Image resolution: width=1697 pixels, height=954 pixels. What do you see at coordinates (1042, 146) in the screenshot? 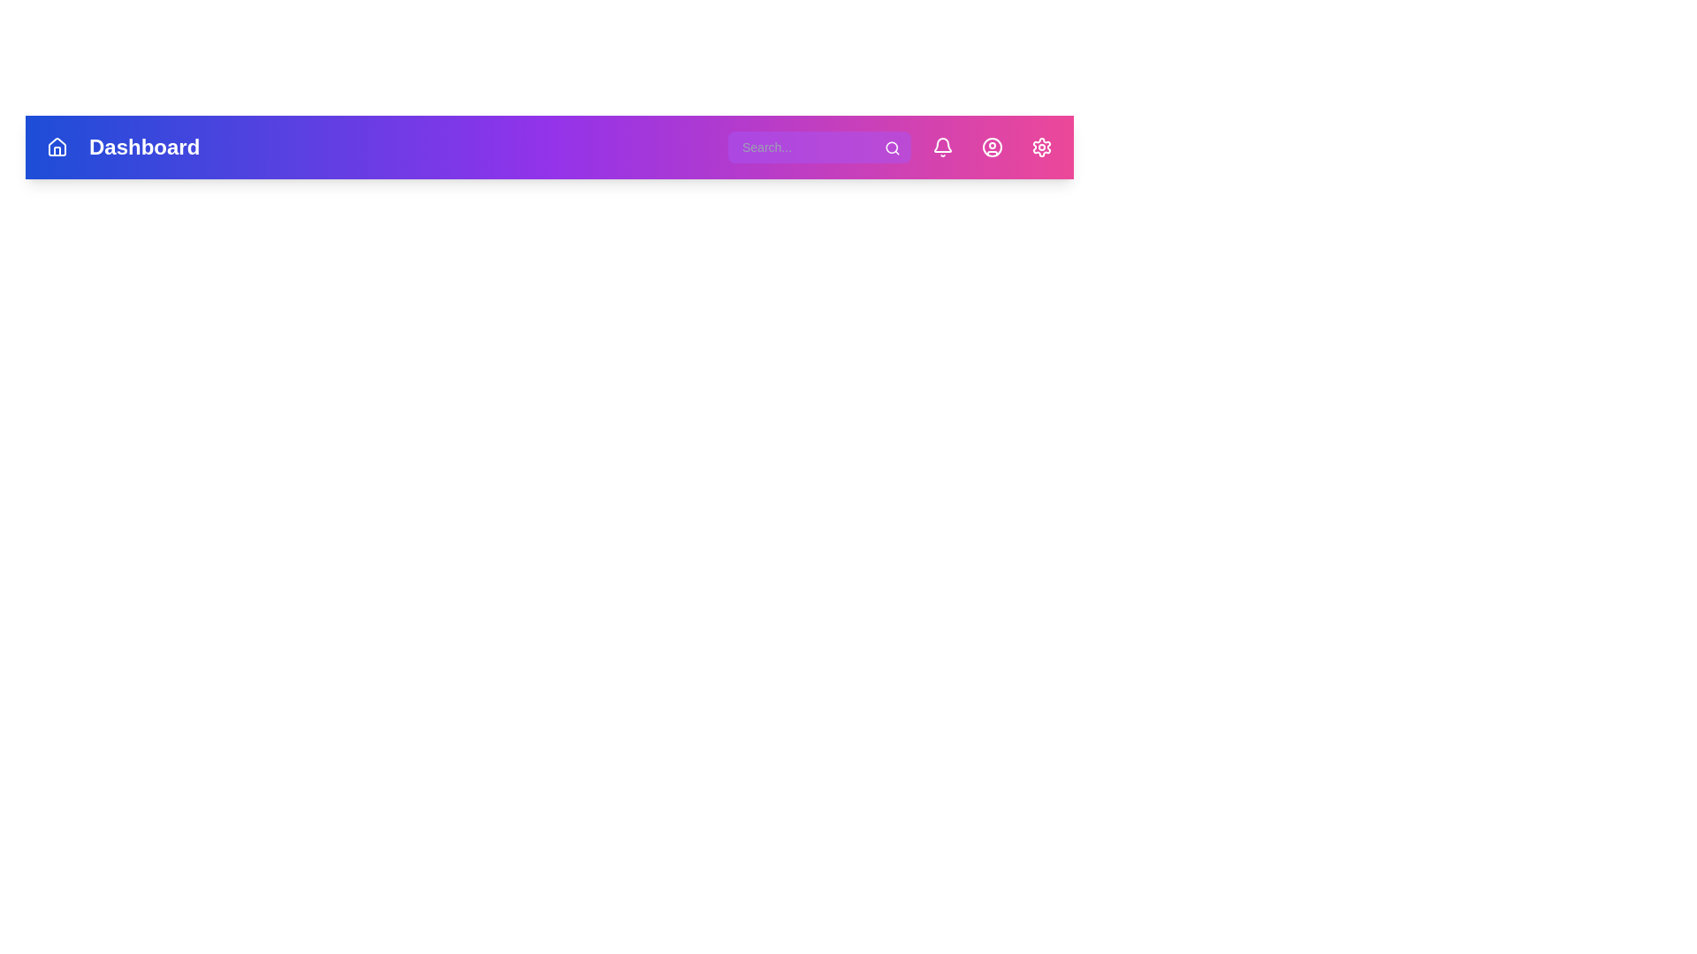
I see `the button labeled 'Settings'` at bounding box center [1042, 146].